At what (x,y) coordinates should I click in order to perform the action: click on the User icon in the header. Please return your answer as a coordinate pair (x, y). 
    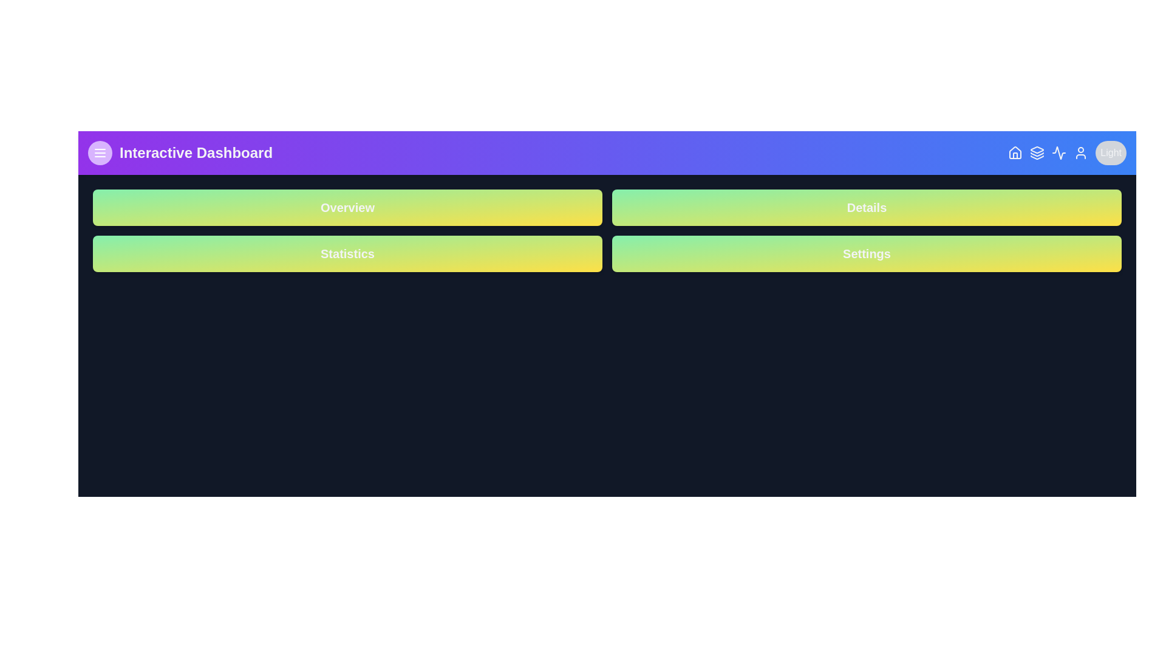
    Looking at the image, I should click on (1081, 152).